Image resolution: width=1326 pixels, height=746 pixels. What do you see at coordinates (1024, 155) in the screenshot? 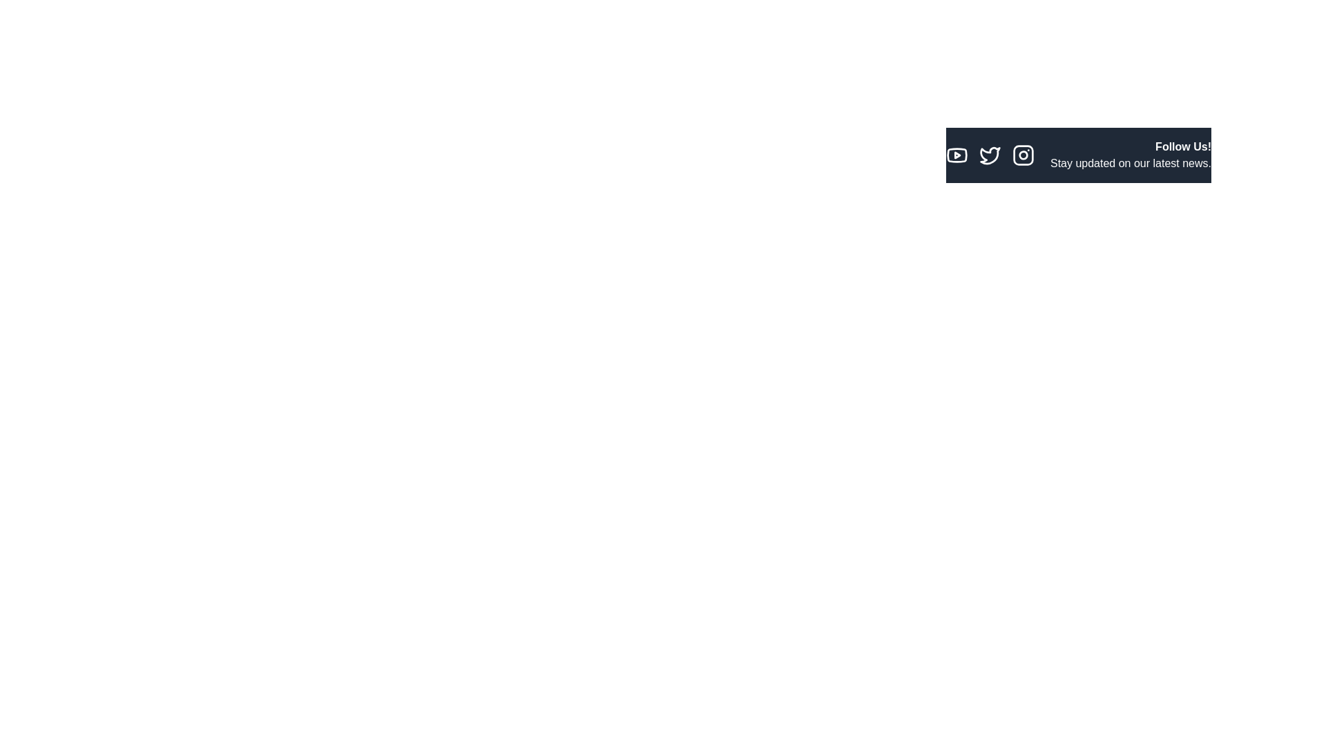
I see `the Instagram icon, which is the fourth item in the row of social media icons` at bounding box center [1024, 155].